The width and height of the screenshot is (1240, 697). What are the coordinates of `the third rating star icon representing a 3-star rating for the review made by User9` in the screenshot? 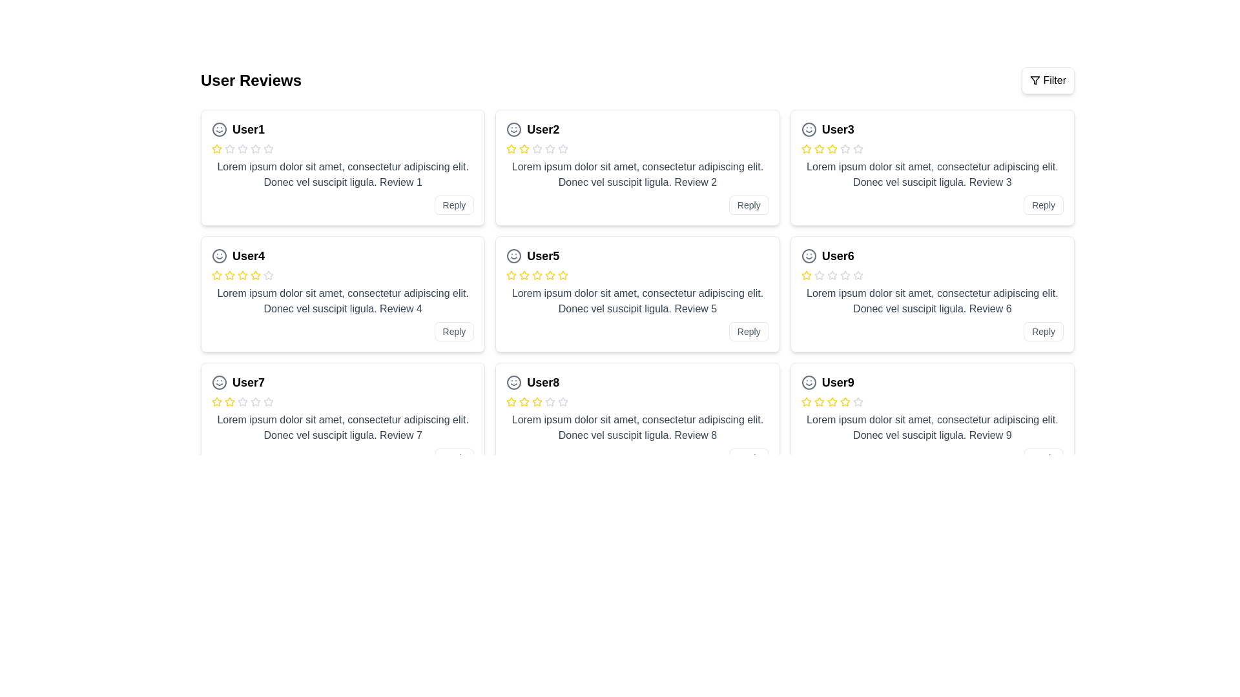 It's located at (818, 401).